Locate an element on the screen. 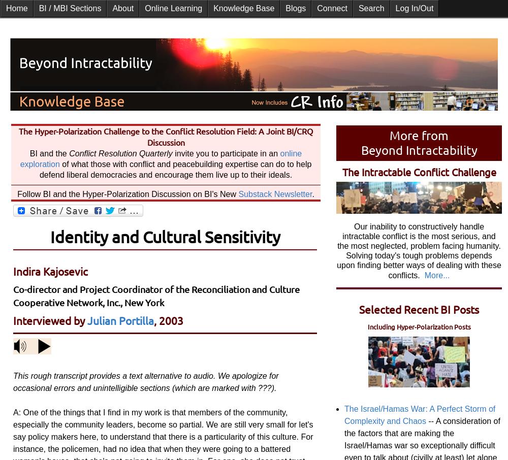  'invite you to participate in an' is located at coordinates (226, 153).